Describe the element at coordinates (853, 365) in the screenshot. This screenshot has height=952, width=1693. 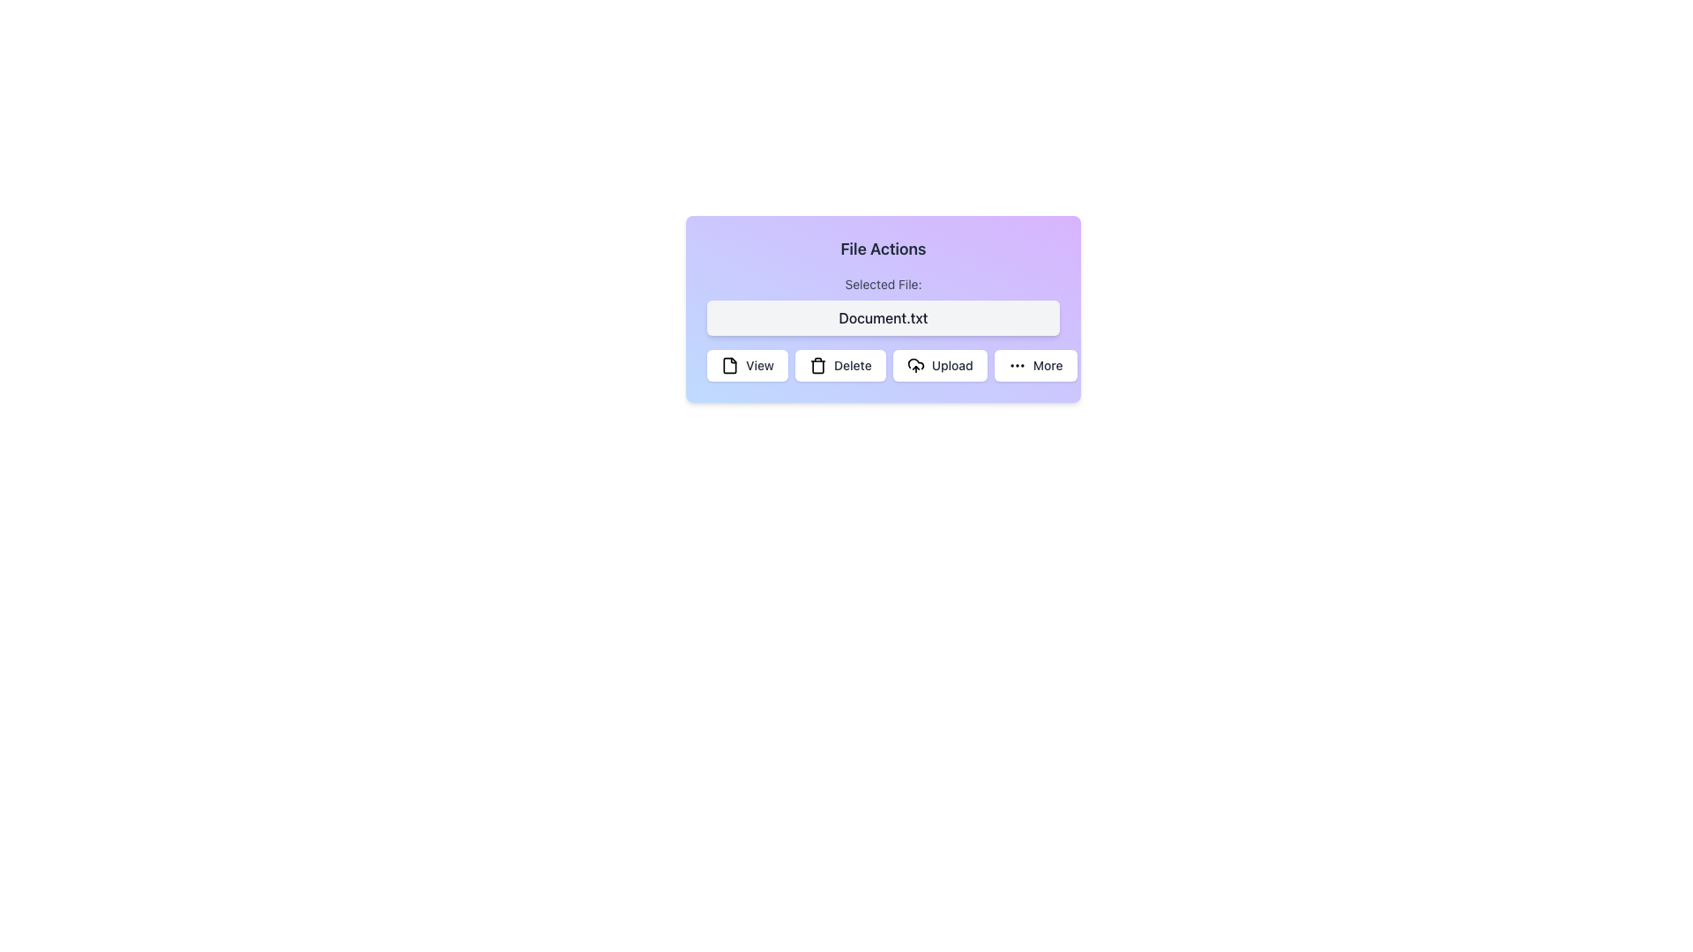
I see `the 'Delete' text label, which is gray and positioned within the 'Delete' button to the right of a trash can icon, located below the 'File Actions' heading` at that location.